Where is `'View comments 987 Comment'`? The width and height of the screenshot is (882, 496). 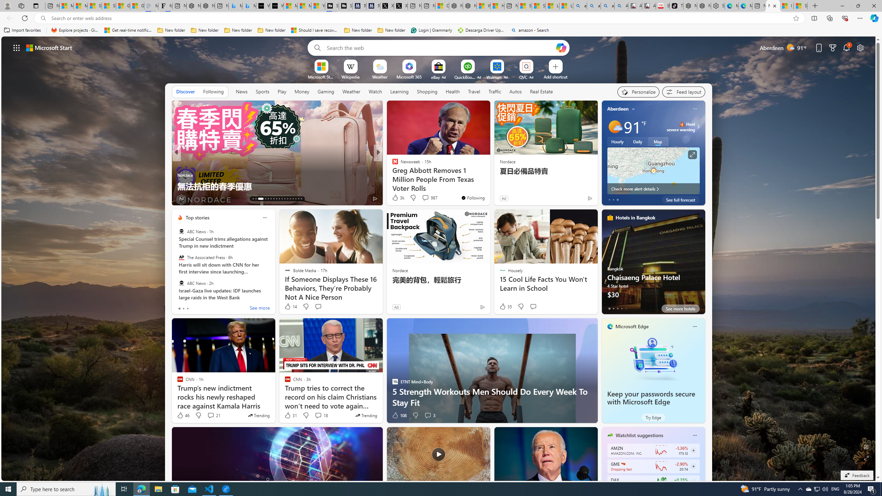
'View comments 987 Comment' is located at coordinates (429, 197).